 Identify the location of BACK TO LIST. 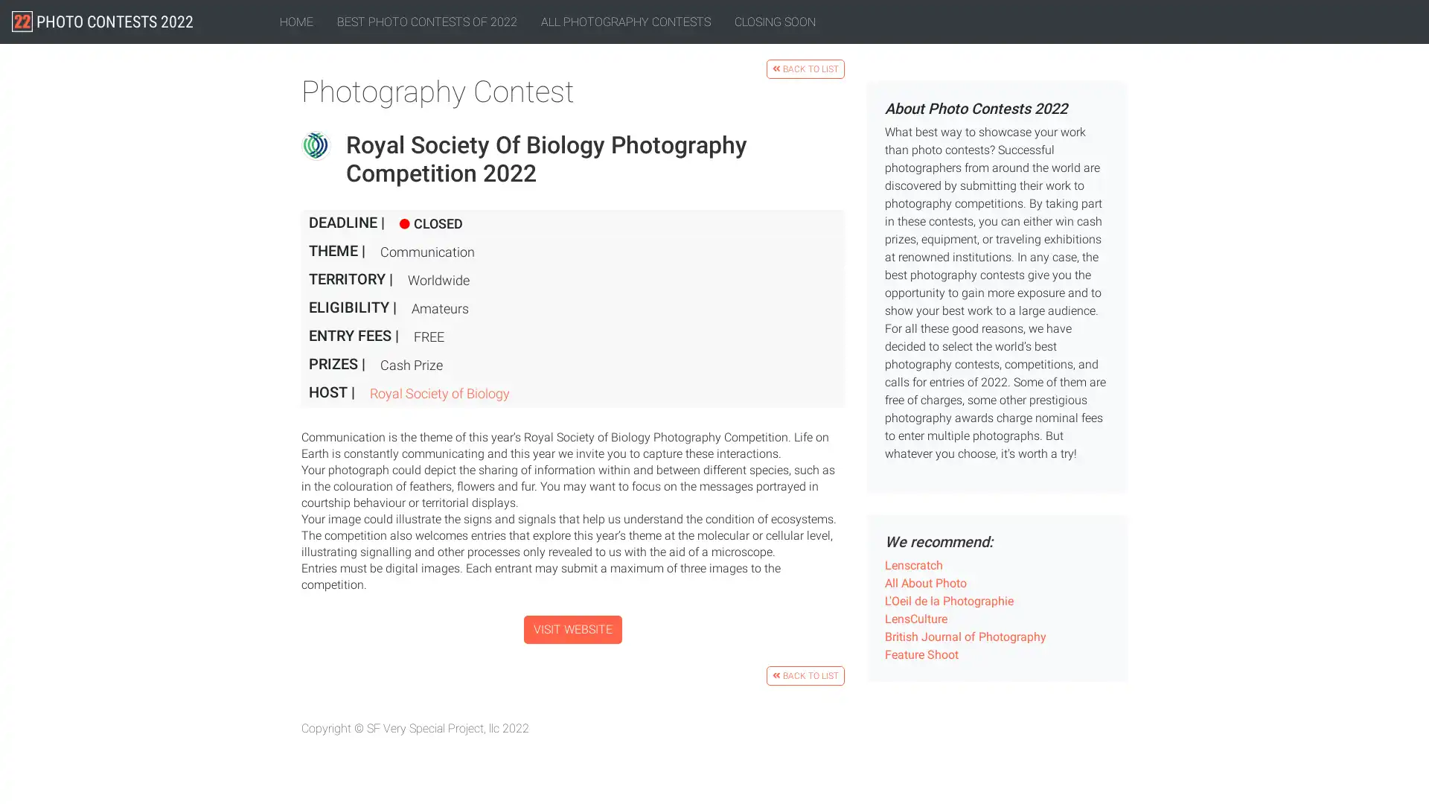
(805, 674).